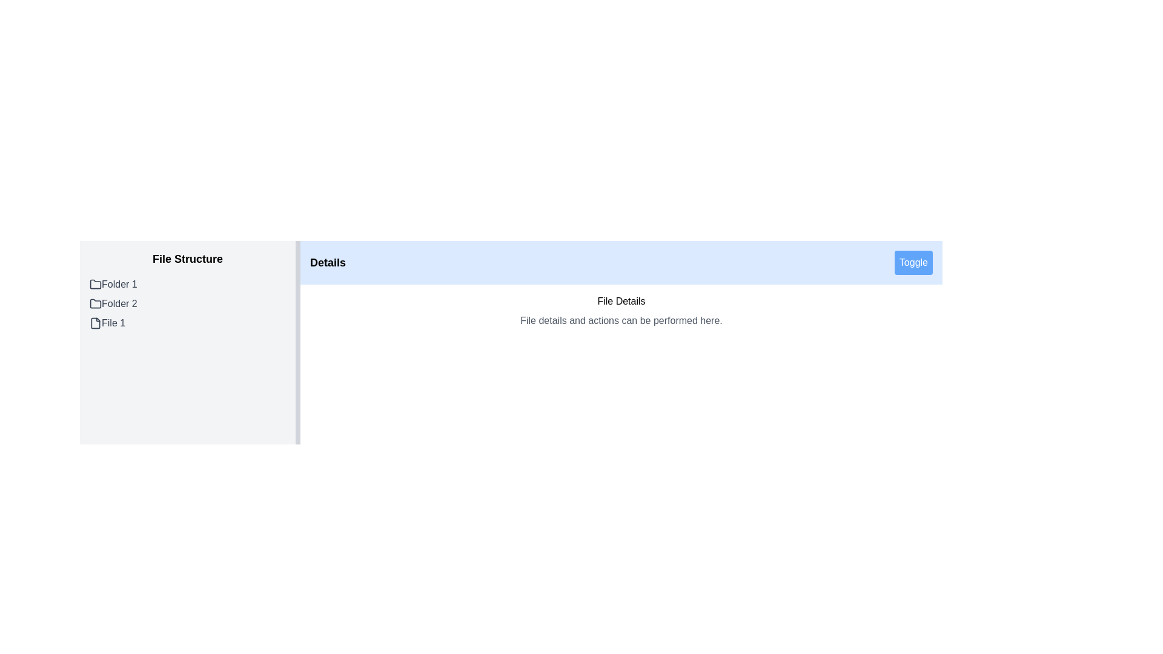  What do you see at coordinates (95, 303) in the screenshot?
I see `the folder icon located to the left of the 'Folder 2' text in the 'File Structure' list` at bounding box center [95, 303].